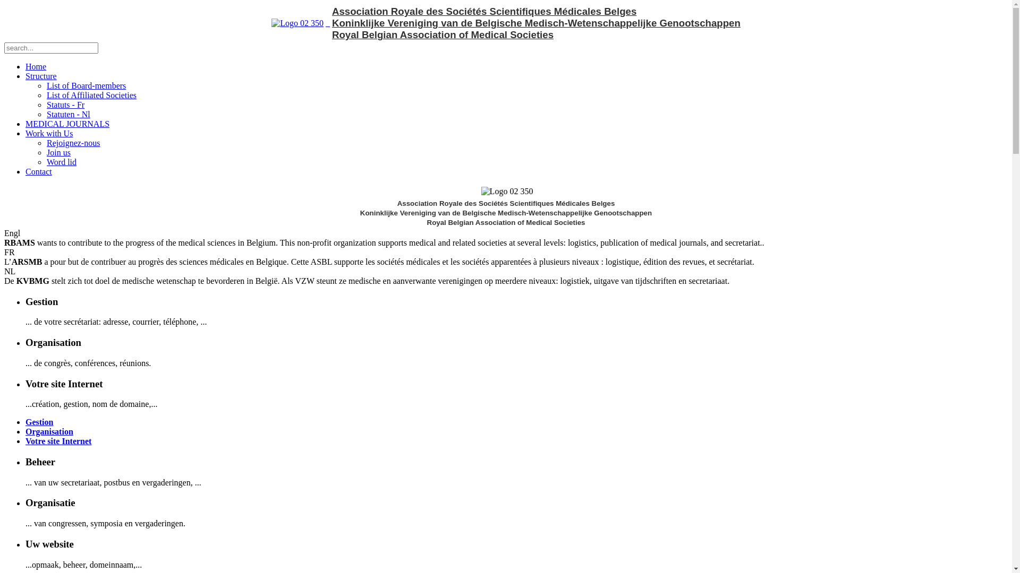 The image size is (1020, 573). Describe the element at coordinates (86, 85) in the screenshot. I see `'List of Board-members'` at that location.